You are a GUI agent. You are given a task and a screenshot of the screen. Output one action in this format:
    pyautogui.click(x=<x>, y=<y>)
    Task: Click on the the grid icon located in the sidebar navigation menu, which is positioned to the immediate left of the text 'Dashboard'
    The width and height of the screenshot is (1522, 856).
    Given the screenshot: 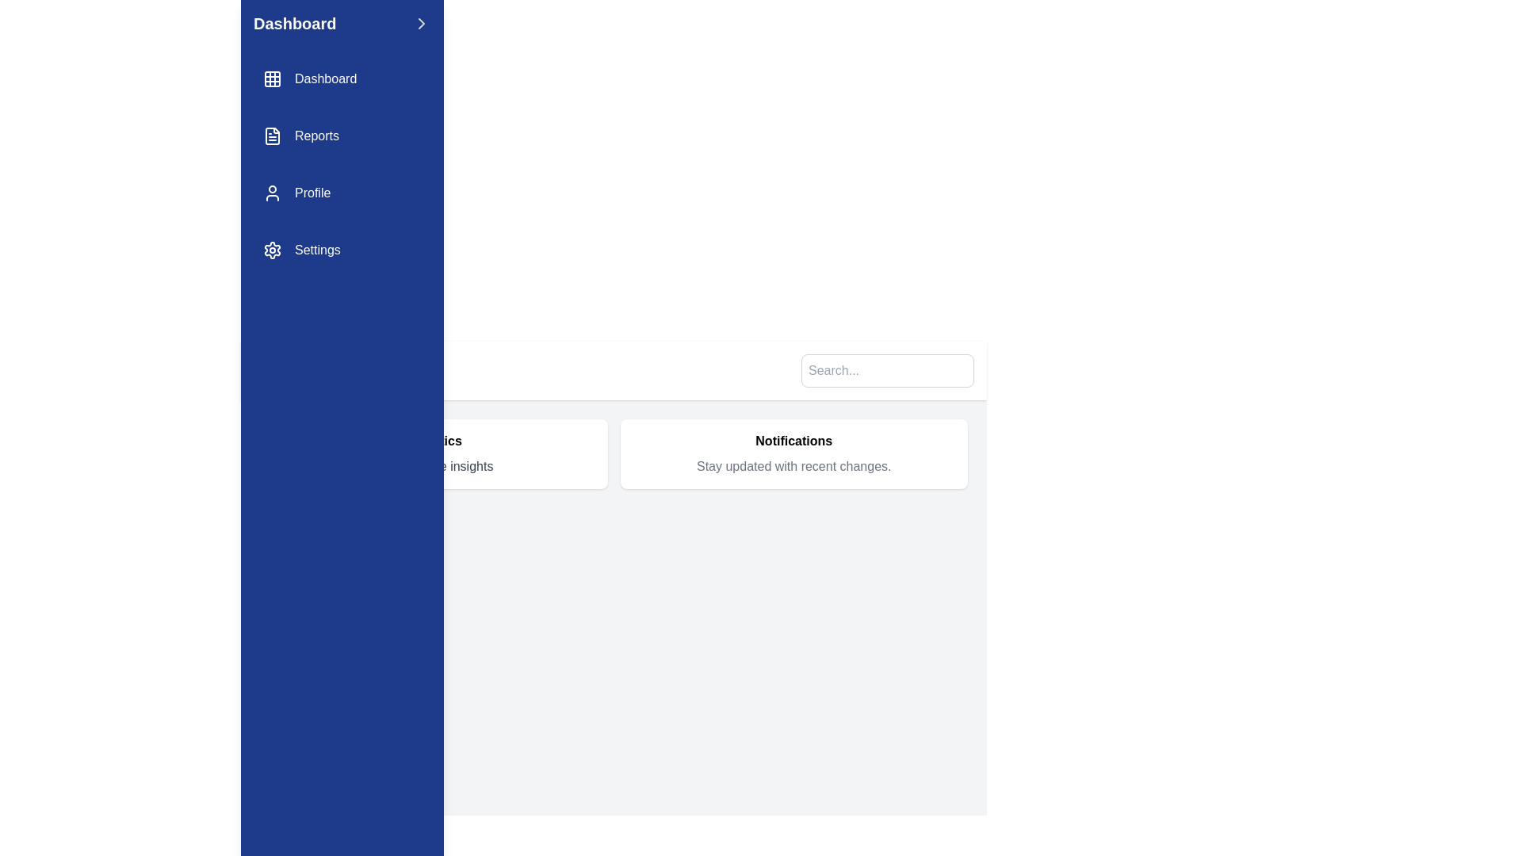 What is the action you would take?
    pyautogui.click(x=273, y=79)
    